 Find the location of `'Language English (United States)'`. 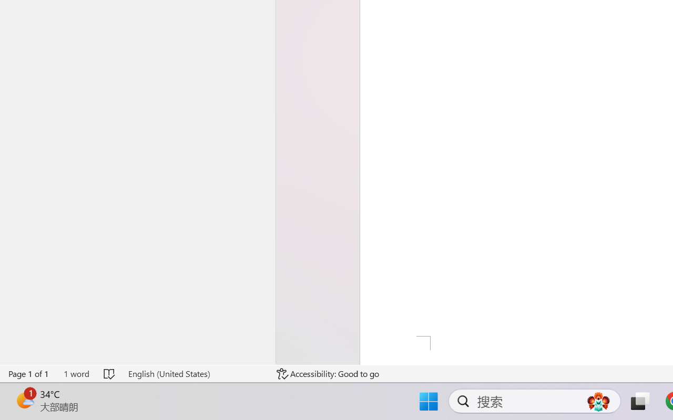

'Language English (United States)' is located at coordinates (195, 373).